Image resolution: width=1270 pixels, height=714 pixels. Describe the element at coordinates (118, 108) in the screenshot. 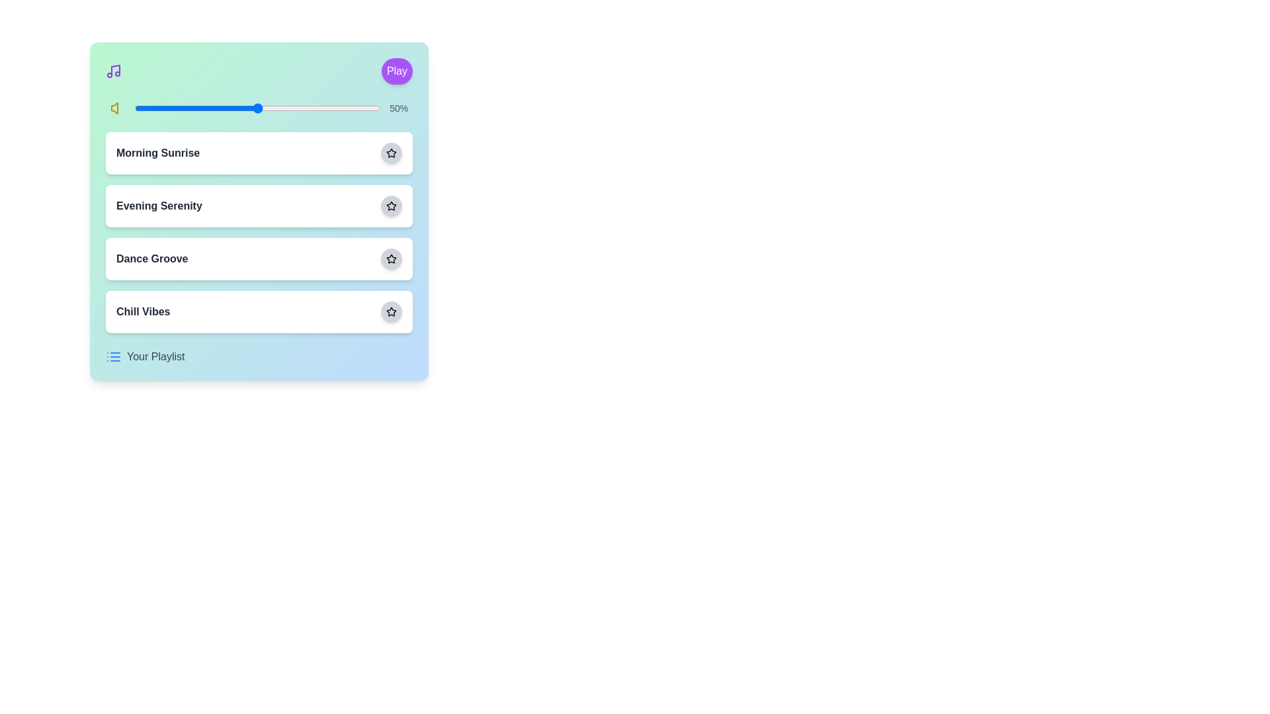

I see `the yellow speaker icon with sound lines, positioned to the left of the horizontal slider and the text '50%'` at that location.